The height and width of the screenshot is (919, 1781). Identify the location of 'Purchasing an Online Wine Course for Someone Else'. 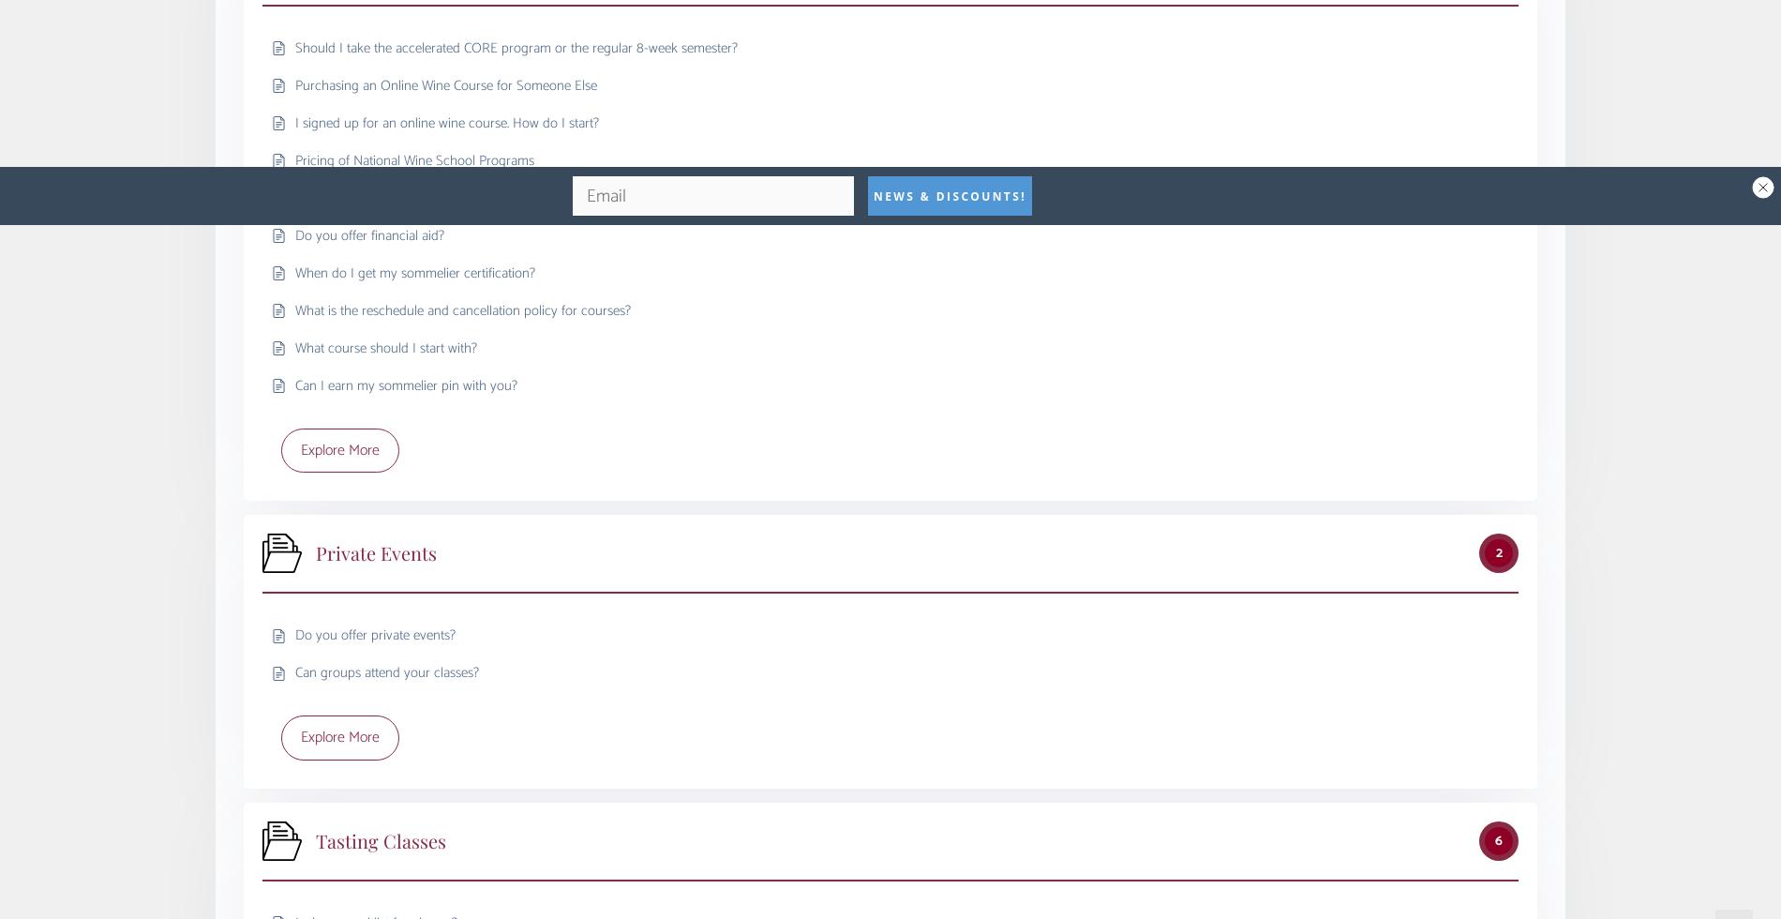
(294, 84).